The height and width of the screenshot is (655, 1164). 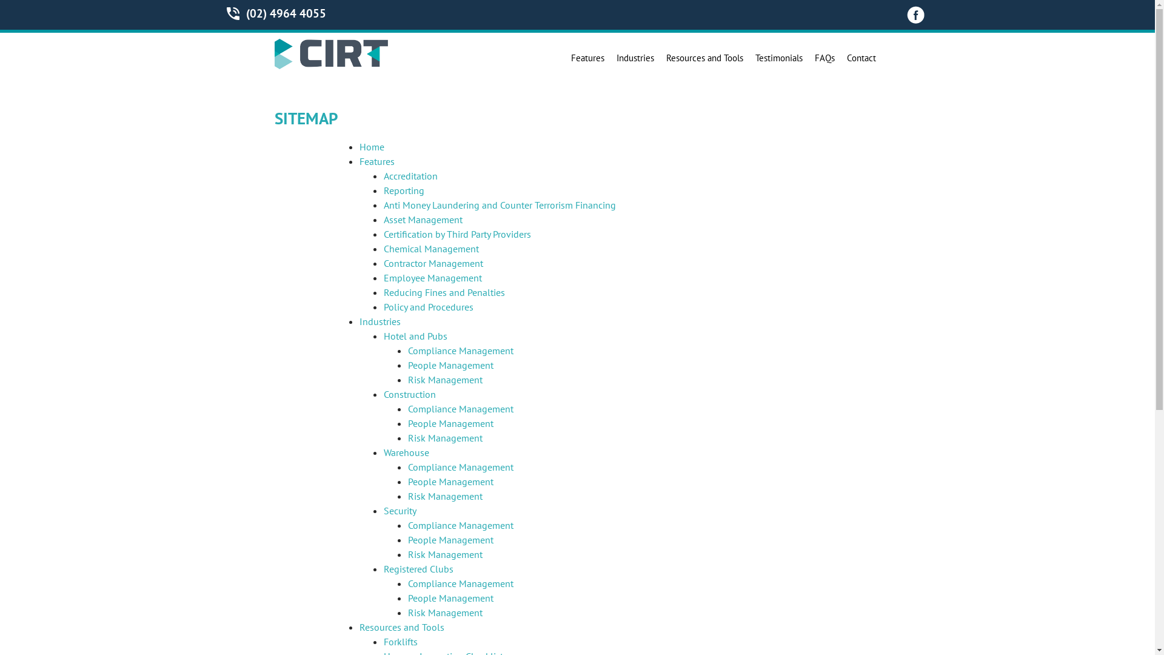 I want to click on 'Risk Management', so click(x=444, y=378).